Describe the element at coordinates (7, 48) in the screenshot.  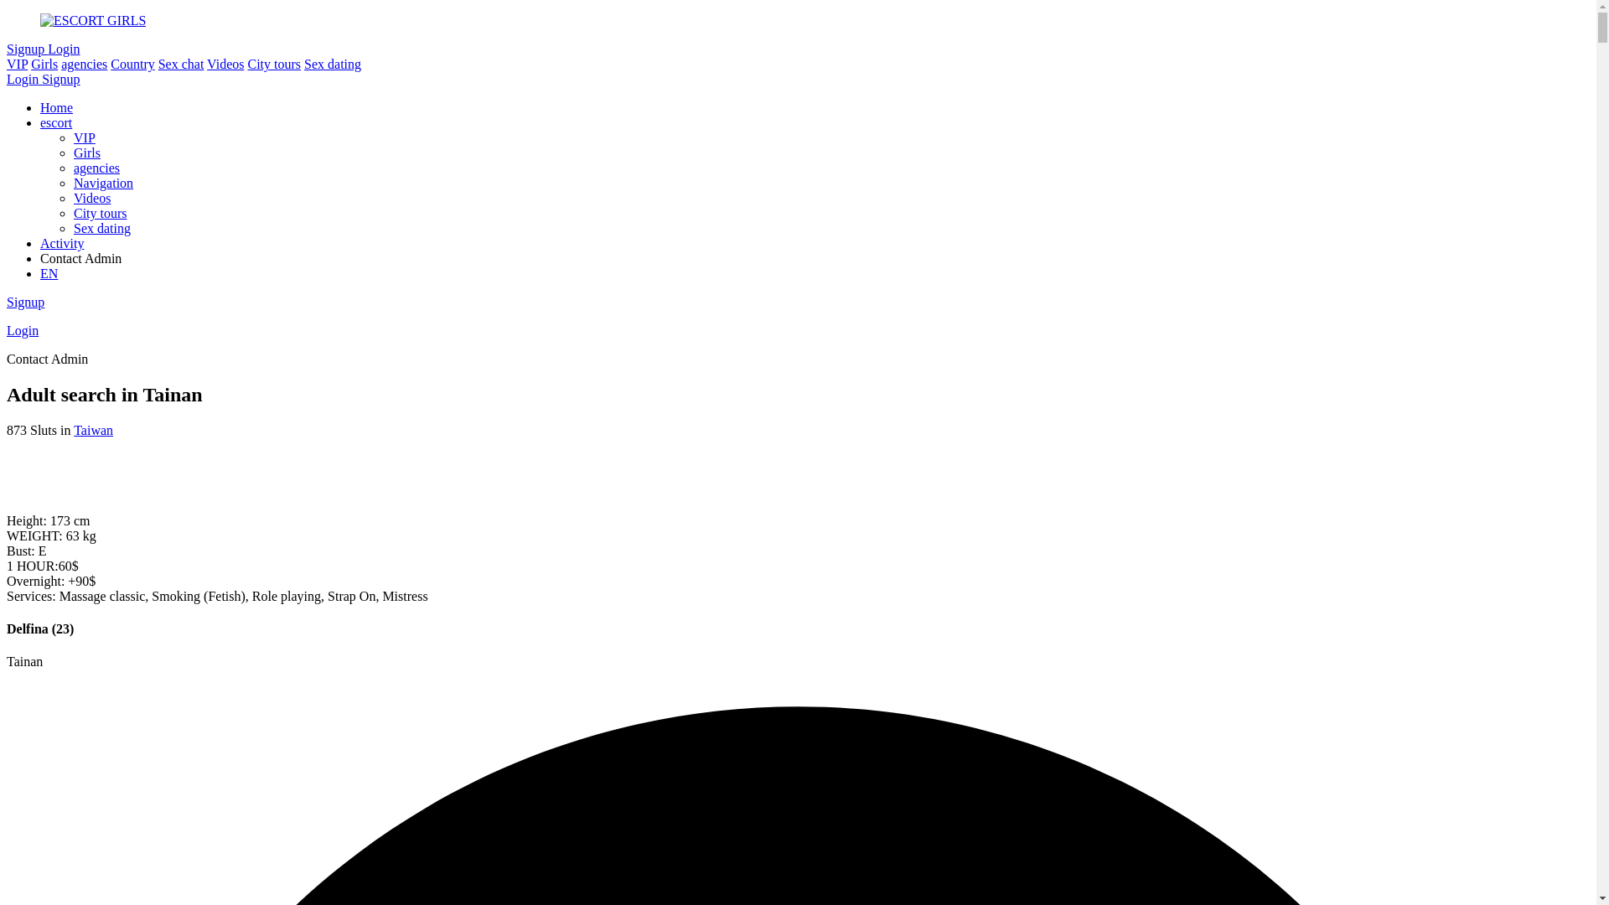
I see `'Signup'` at that location.